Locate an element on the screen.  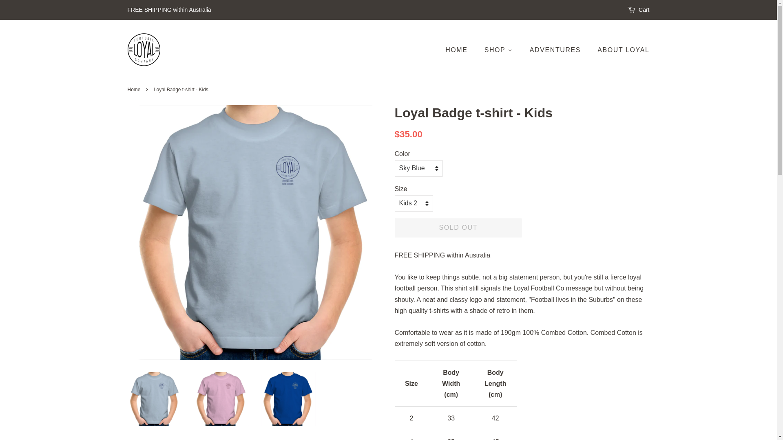
'SOLD OUT' is located at coordinates (458, 228).